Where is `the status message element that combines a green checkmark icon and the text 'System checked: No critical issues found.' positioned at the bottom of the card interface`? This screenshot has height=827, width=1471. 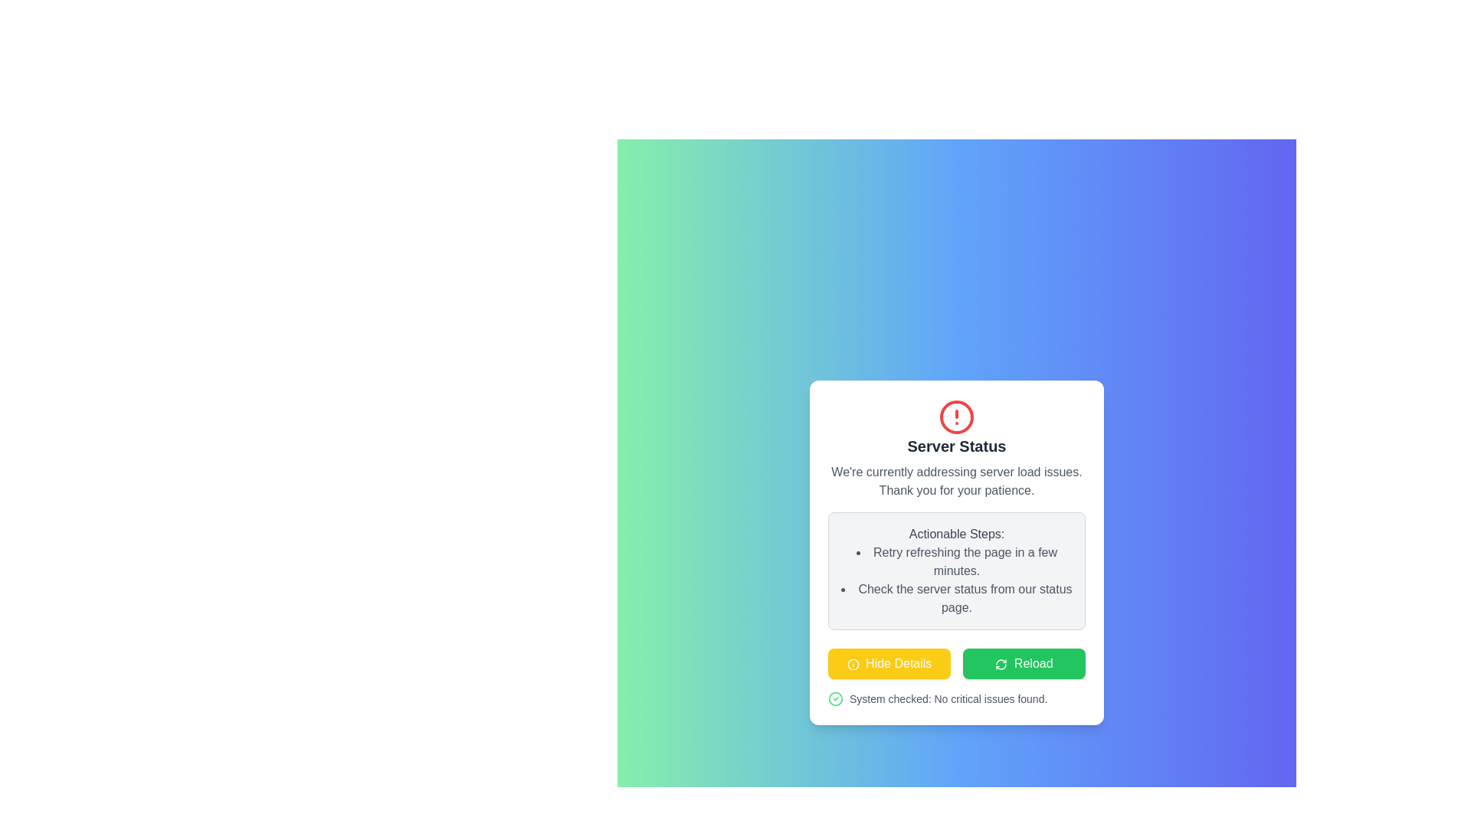 the status message element that combines a green checkmark icon and the text 'System checked: No critical issues found.' positioned at the bottom of the card interface is located at coordinates (955, 699).